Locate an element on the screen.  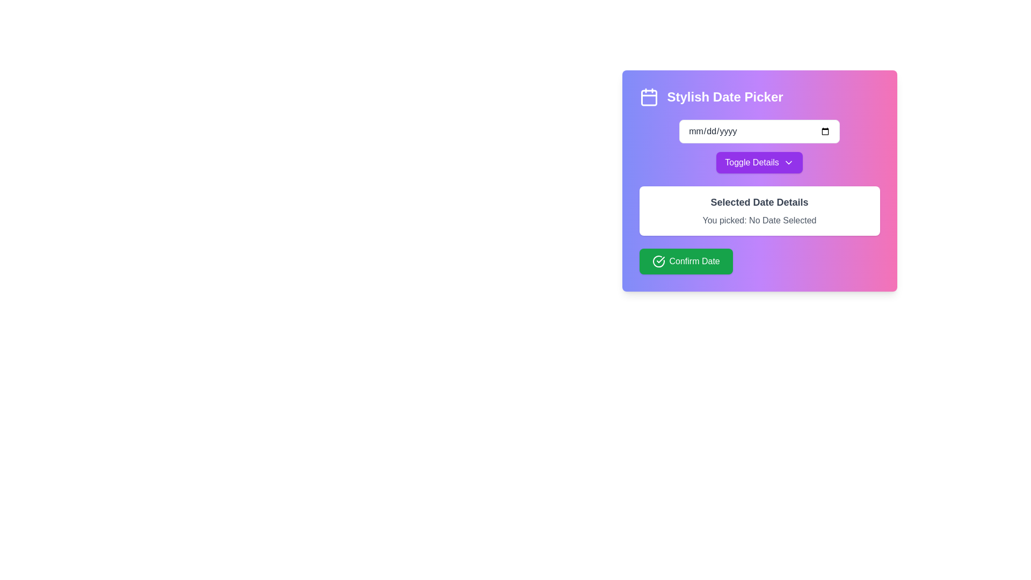
the second text block in the 'Selected Date Details' section that displays feedback about the selected date, specifically showing 'No Date Selected' is located at coordinates (759, 220).